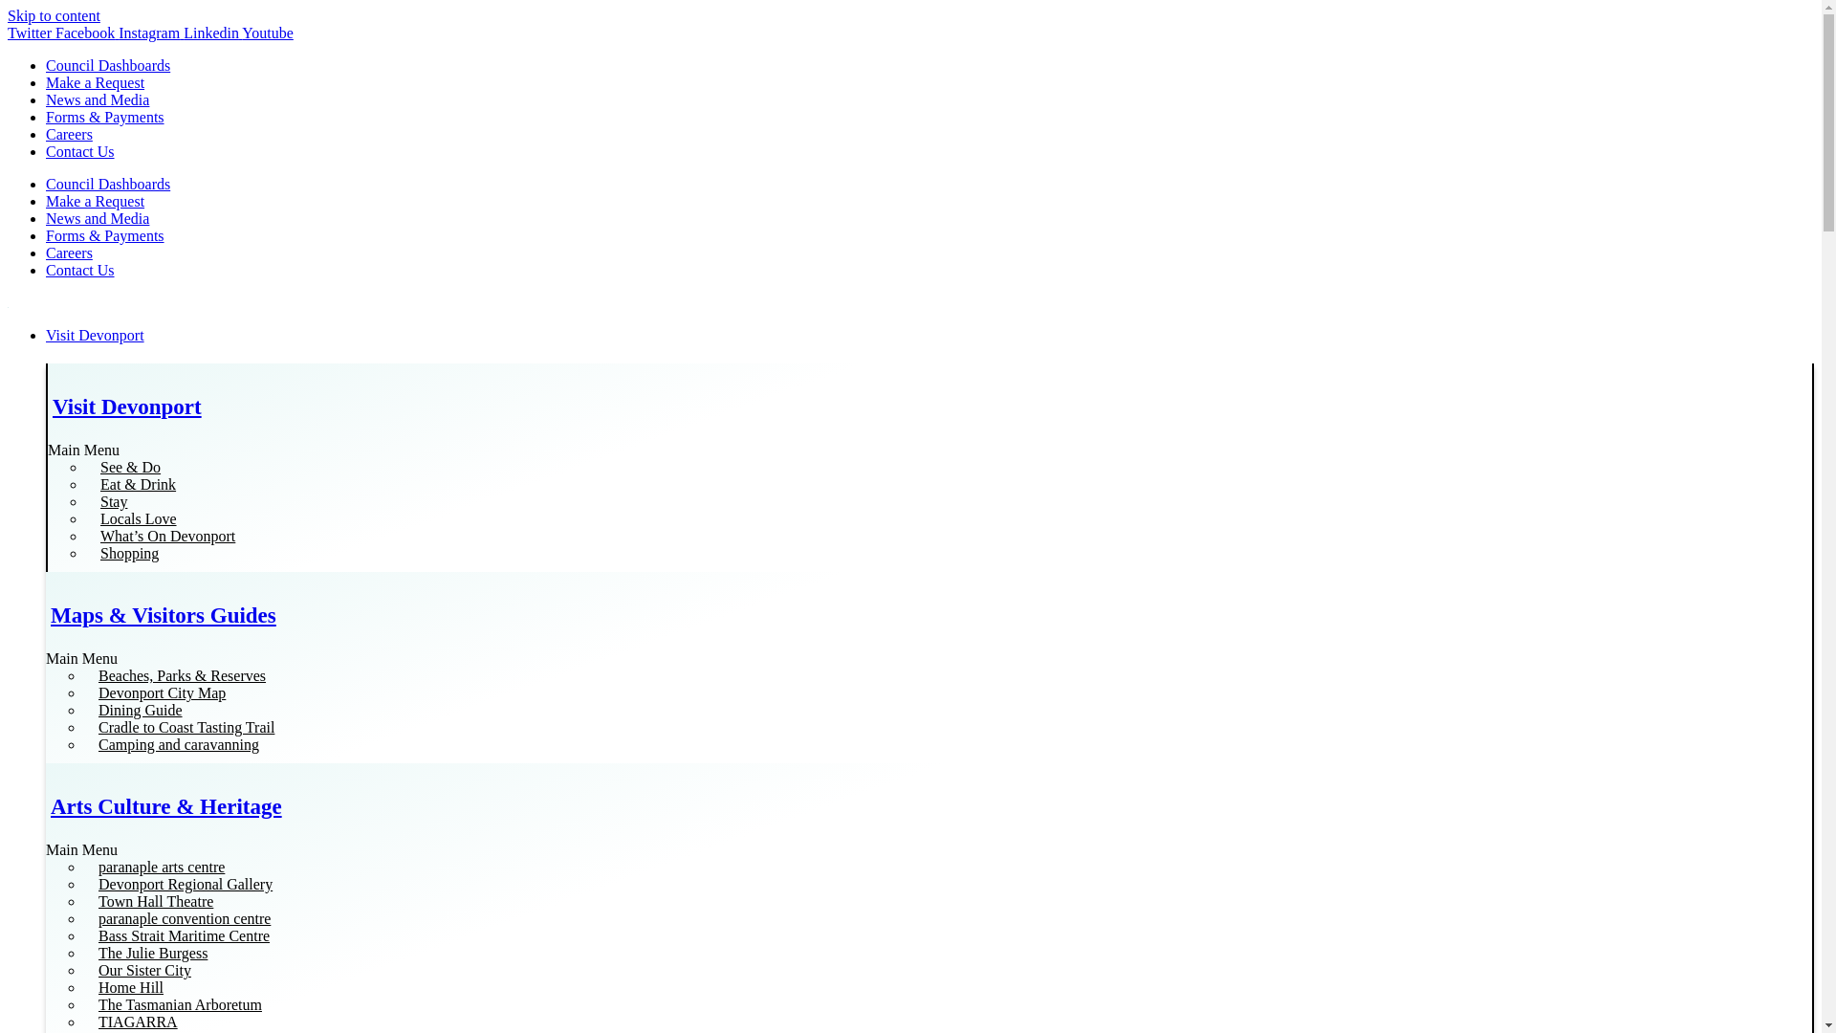  What do you see at coordinates (151, 953) in the screenshot?
I see `'The Julie Burgess'` at bounding box center [151, 953].